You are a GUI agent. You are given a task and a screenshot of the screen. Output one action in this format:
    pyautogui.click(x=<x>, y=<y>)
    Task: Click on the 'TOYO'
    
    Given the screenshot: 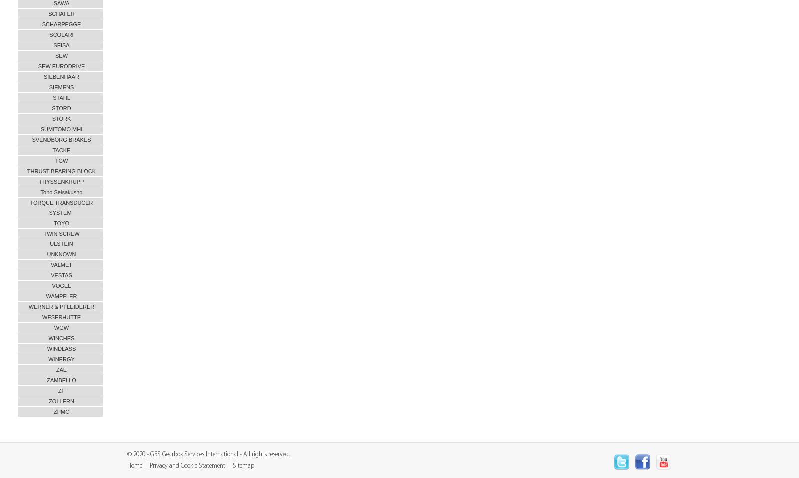 What is the action you would take?
    pyautogui.click(x=53, y=223)
    